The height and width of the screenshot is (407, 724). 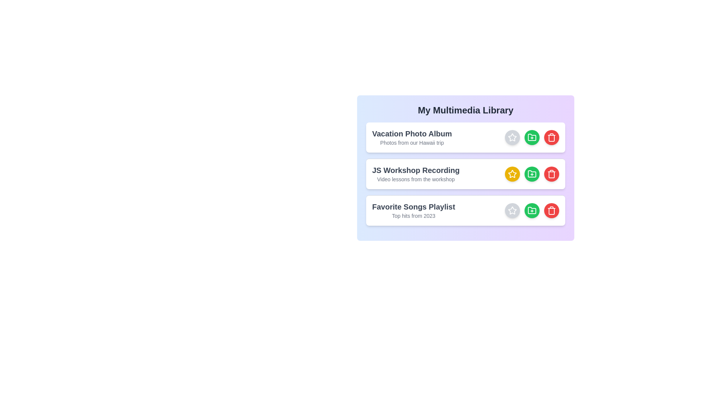 What do you see at coordinates (512, 174) in the screenshot?
I see `the star icon representing the favorite feature for accessibility interactions` at bounding box center [512, 174].